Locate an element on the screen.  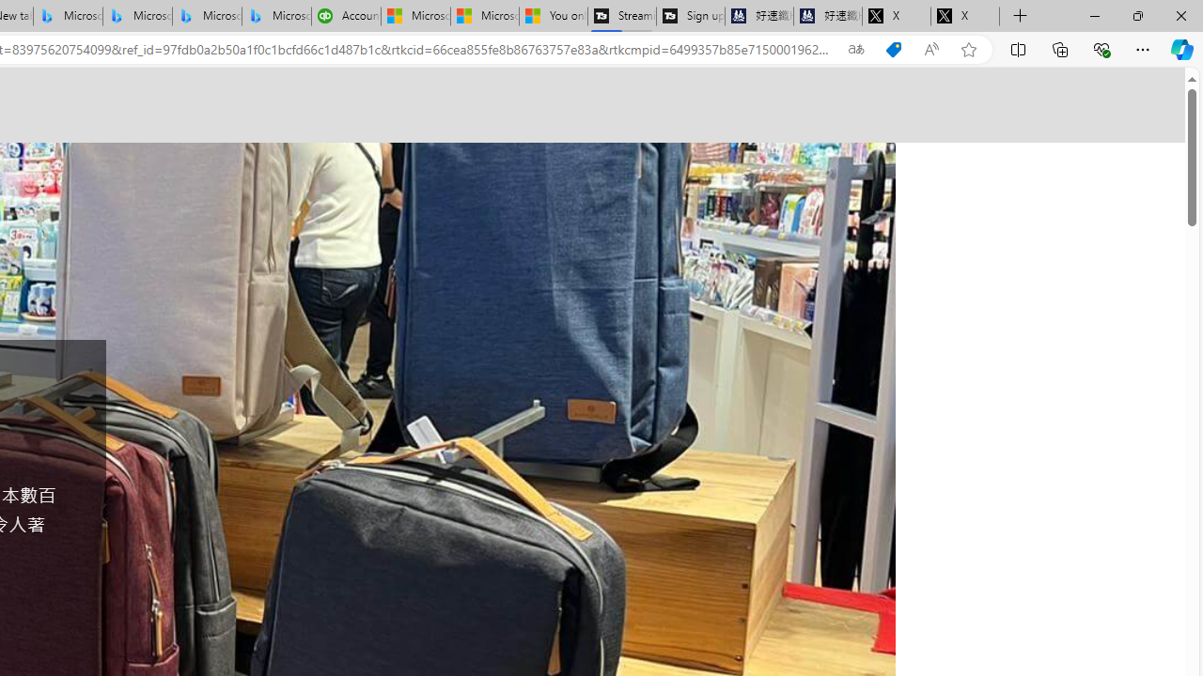
'This site has coupons! Shopping in Microsoft Edge' is located at coordinates (893, 49).